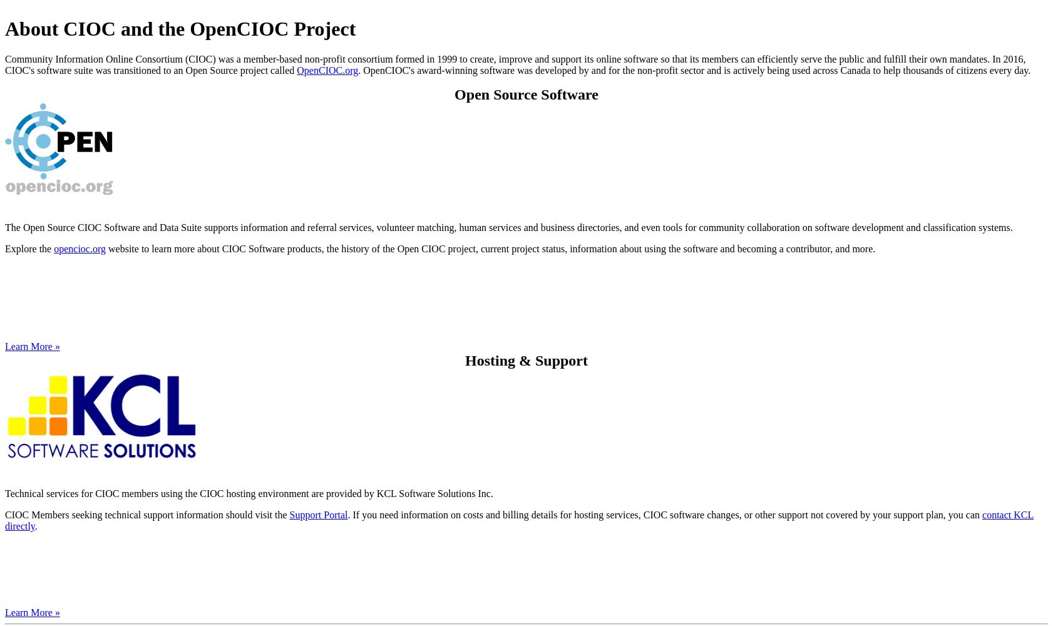 The width and height of the screenshot is (1053, 626). What do you see at coordinates (35, 525) in the screenshot?
I see `'.'` at bounding box center [35, 525].